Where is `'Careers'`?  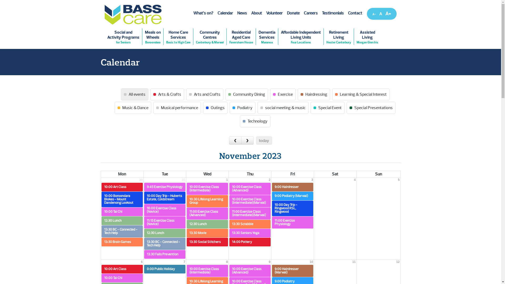
'Careers' is located at coordinates (310, 13).